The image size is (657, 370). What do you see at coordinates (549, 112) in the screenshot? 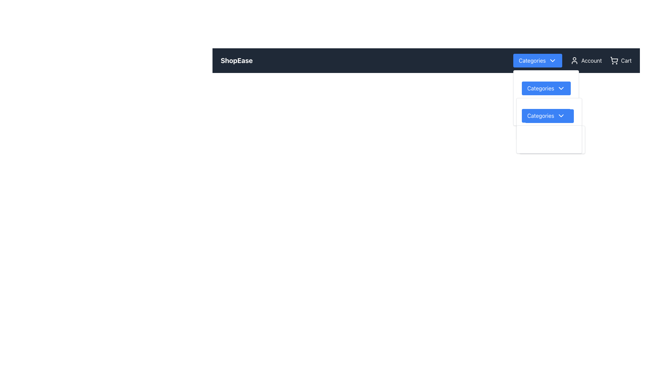
I see `the 'Categories' button with a bright blue background and white text in the dropdown menu` at bounding box center [549, 112].